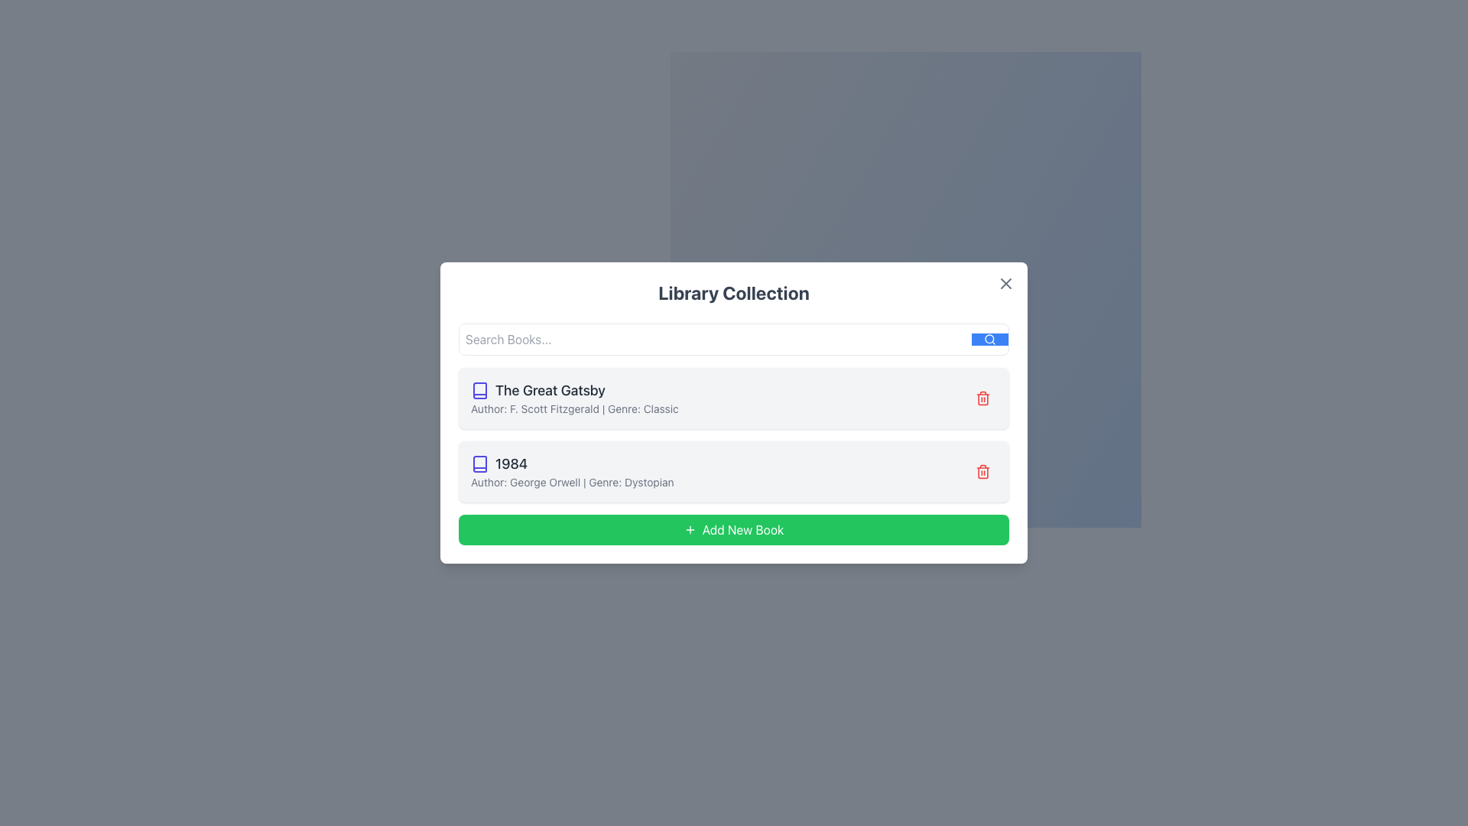 Image resolution: width=1468 pixels, height=826 pixels. Describe the element at coordinates (479, 463) in the screenshot. I see `the book icon located to the left of the text 'The Great Gatsby' in the 'Library Collection' dialog box` at that location.